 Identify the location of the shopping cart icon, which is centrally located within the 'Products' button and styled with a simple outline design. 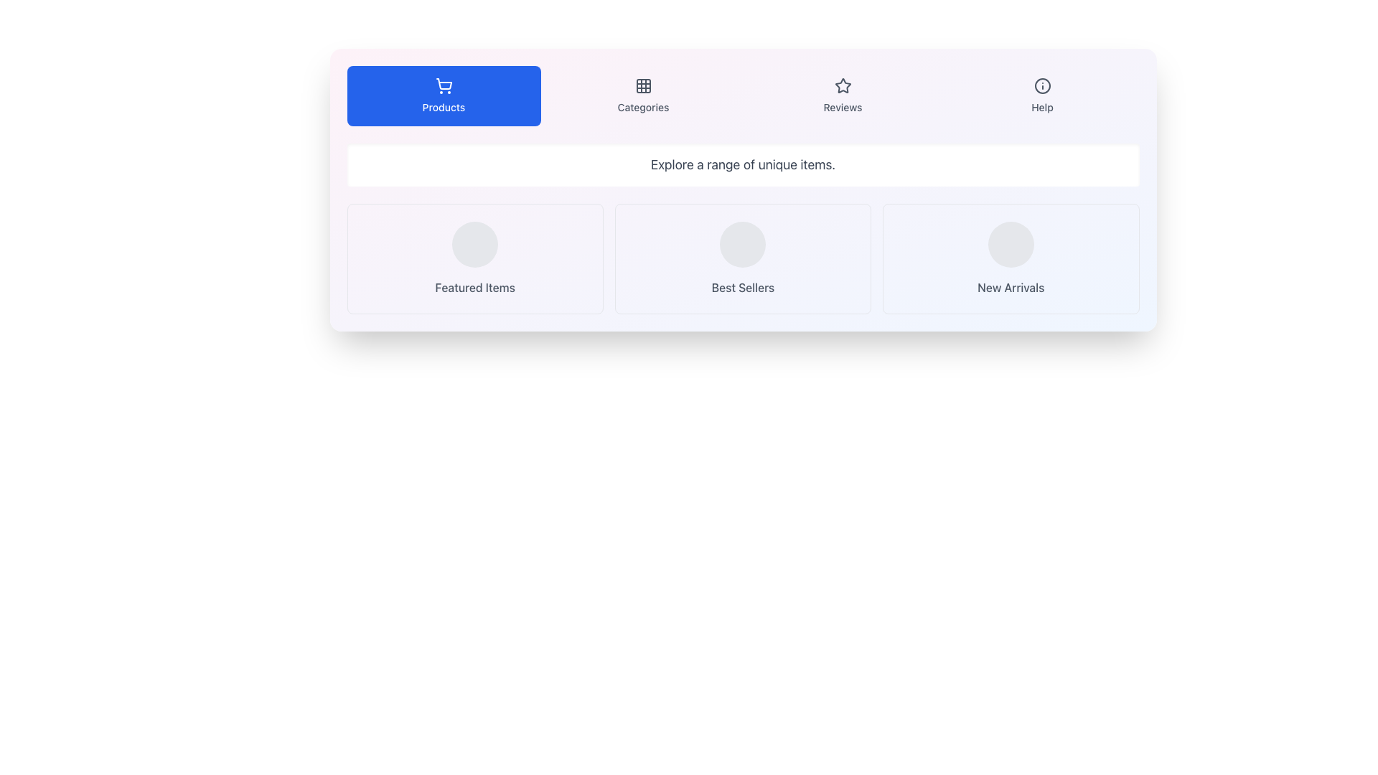
(443, 85).